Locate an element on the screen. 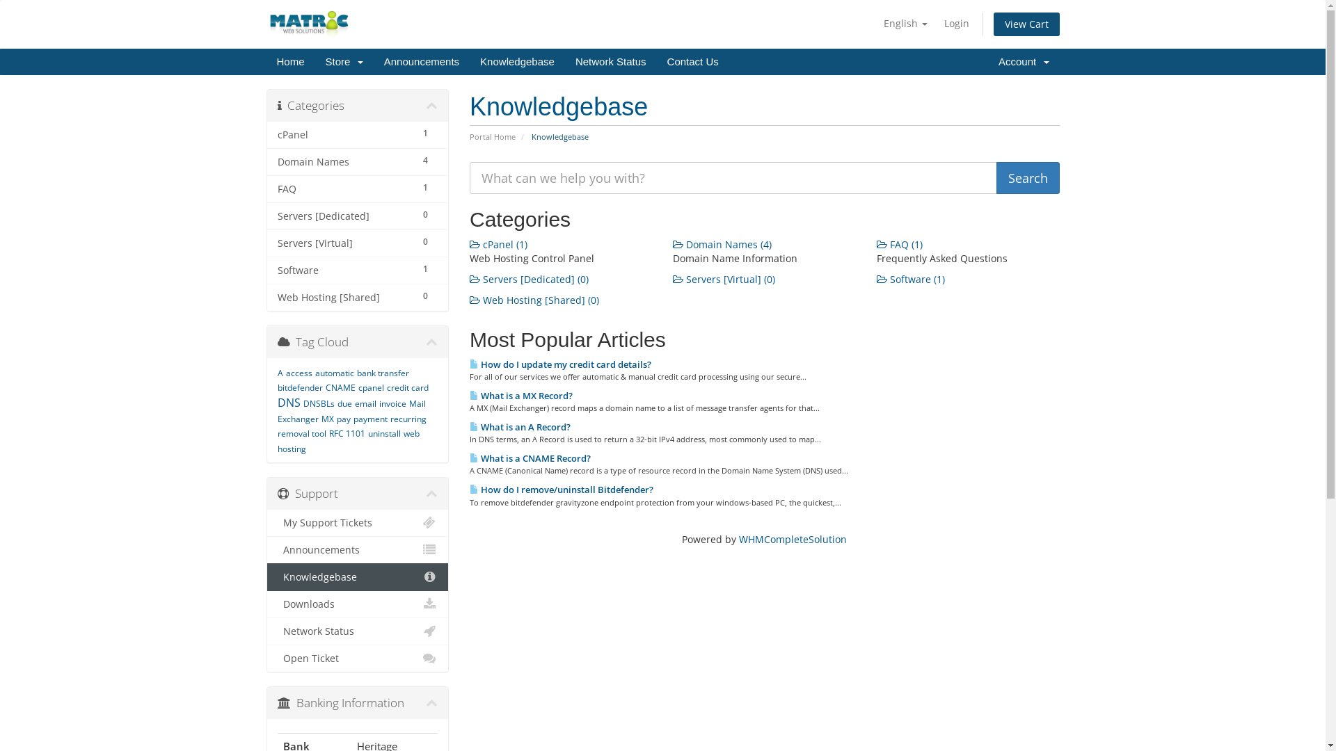  'automatic' is located at coordinates (313, 372).